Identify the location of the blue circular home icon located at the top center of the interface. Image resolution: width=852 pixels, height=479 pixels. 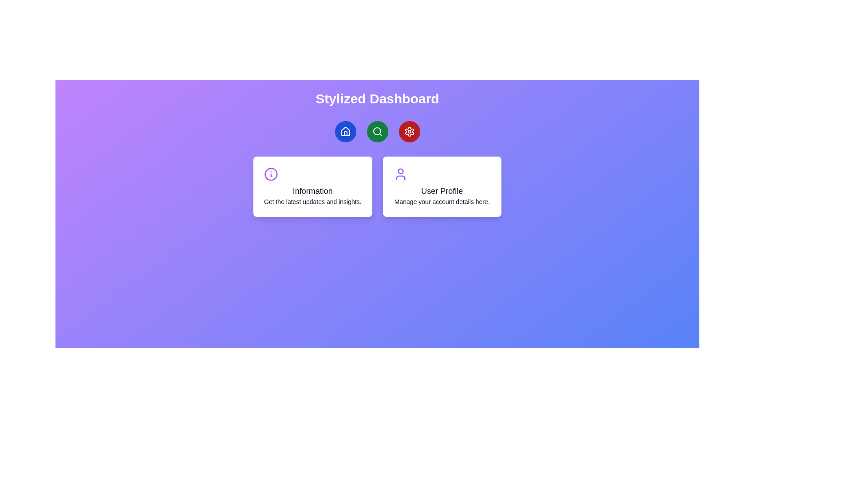
(345, 131).